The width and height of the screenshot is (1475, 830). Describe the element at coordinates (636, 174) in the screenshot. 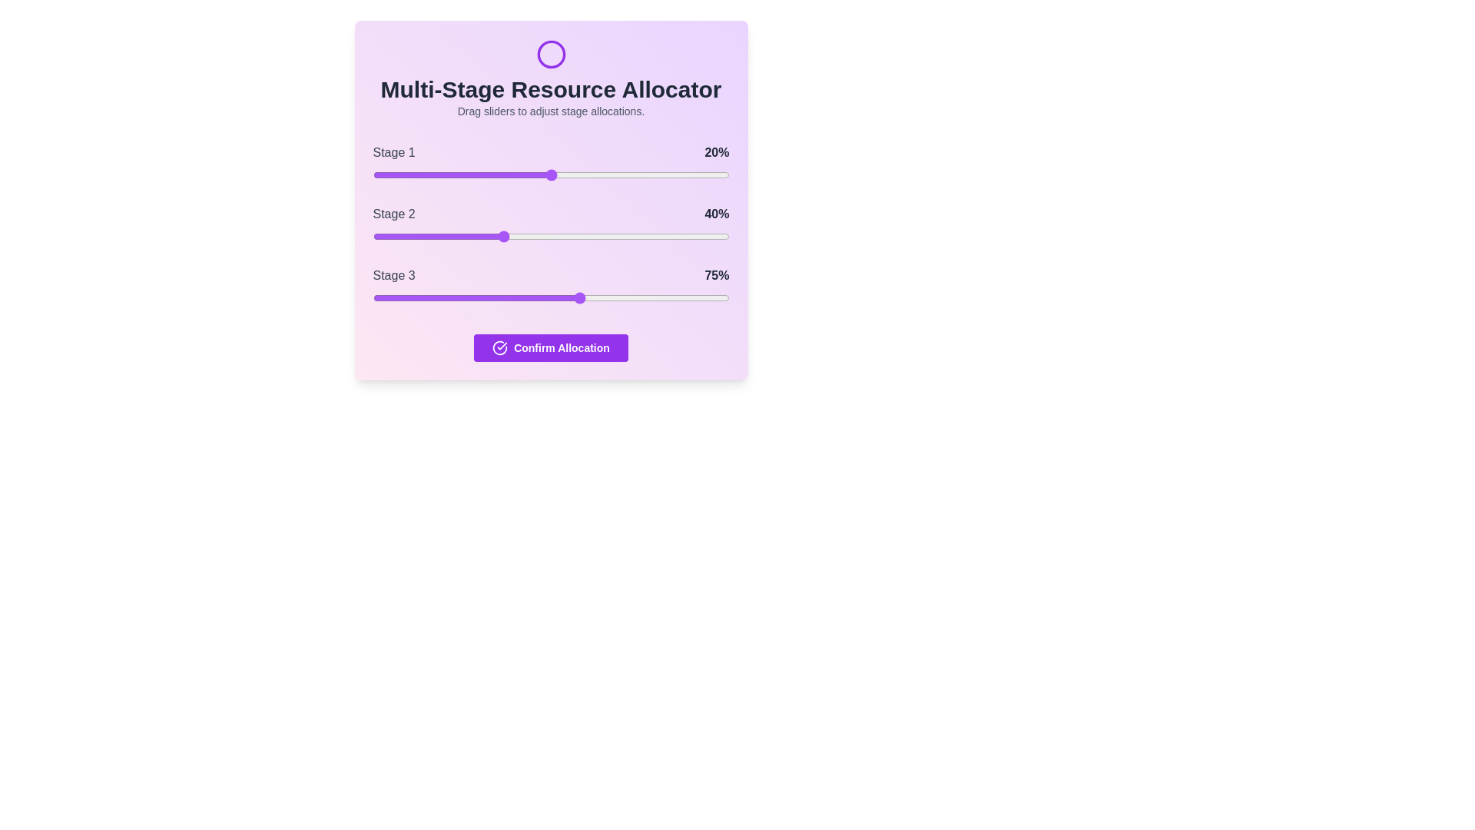

I see `the slider for Stage 1 to 74%` at that location.